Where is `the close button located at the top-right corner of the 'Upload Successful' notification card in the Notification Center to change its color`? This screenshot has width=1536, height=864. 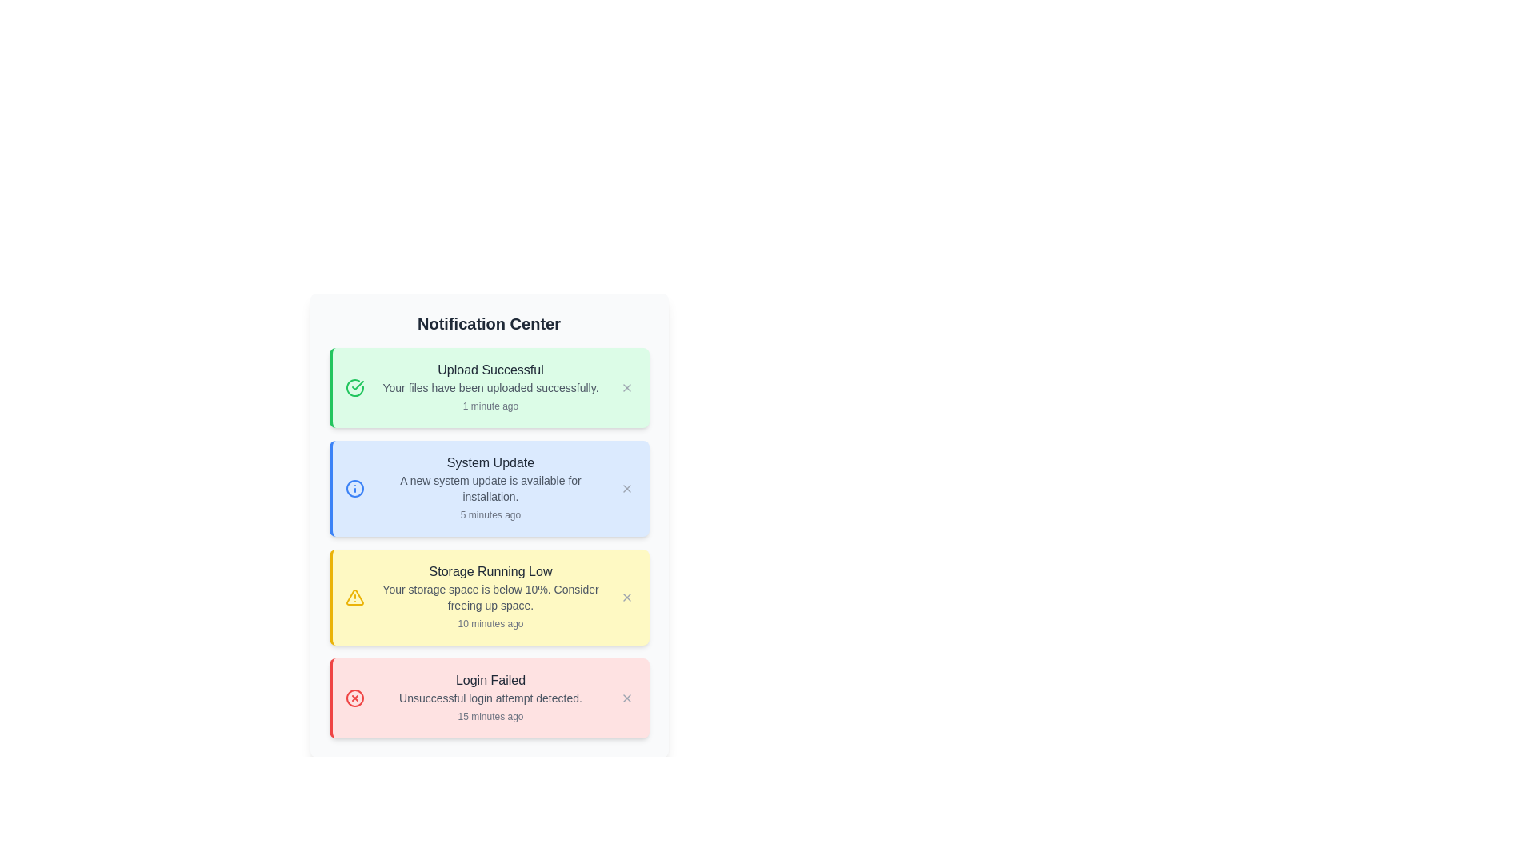
the close button located at the top-right corner of the 'Upload Successful' notification card in the Notification Center to change its color is located at coordinates (626, 388).